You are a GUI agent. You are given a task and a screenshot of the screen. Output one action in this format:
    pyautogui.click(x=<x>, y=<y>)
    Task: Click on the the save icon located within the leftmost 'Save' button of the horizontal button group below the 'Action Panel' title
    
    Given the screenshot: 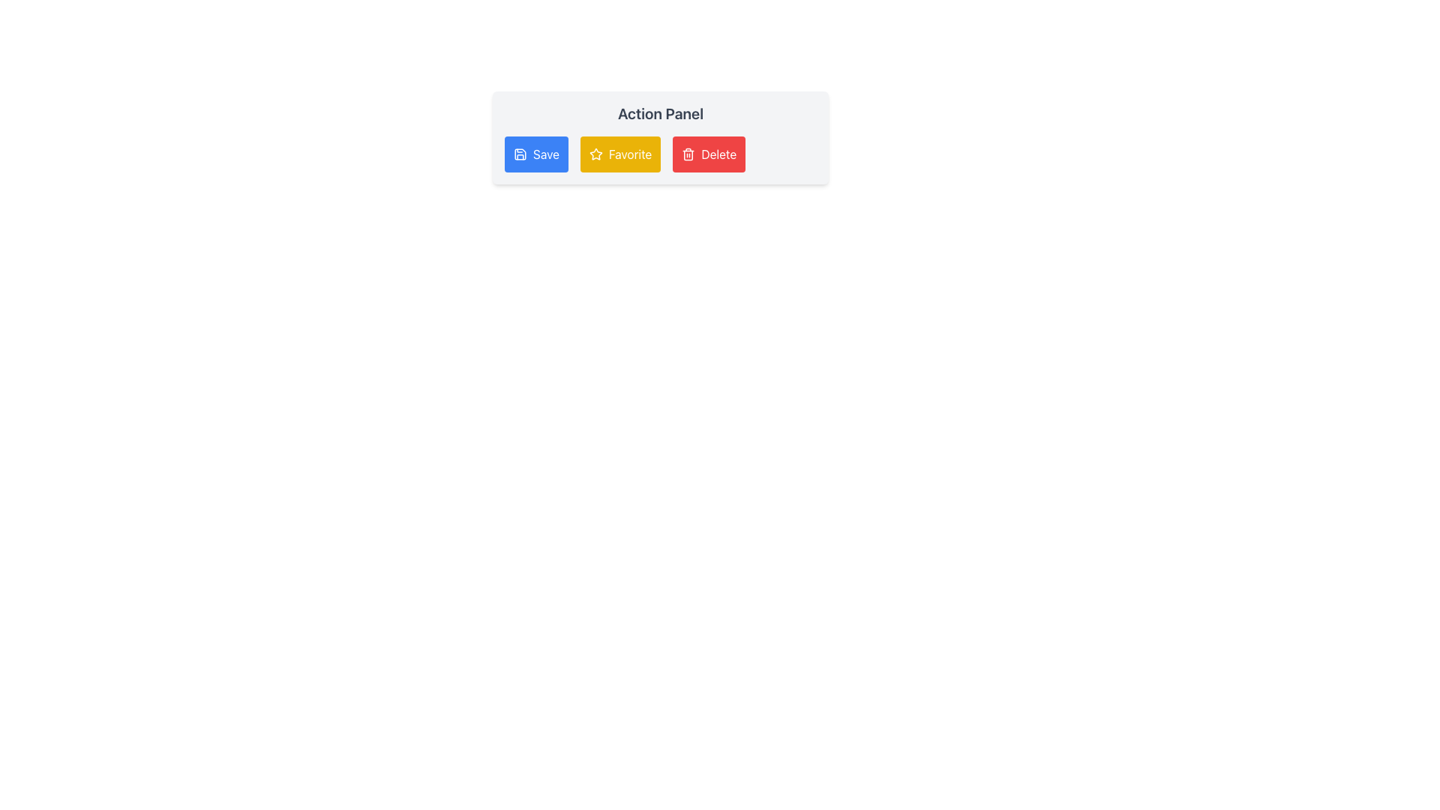 What is the action you would take?
    pyautogui.click(x=520, y=154)
    